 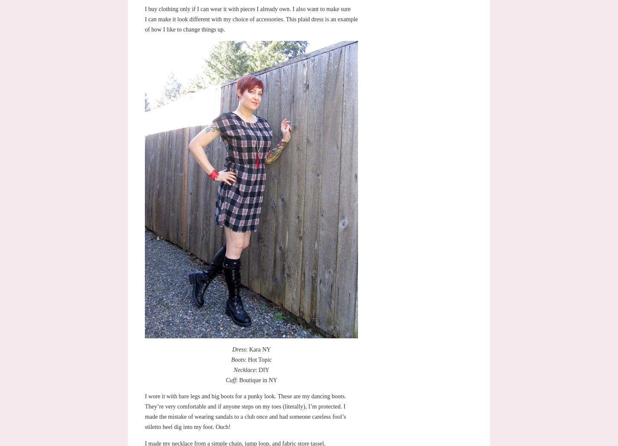 What do you see at coordinates (261, 369) in the screenshot?
I see `': DIY'` at bounding box center [261, 369].